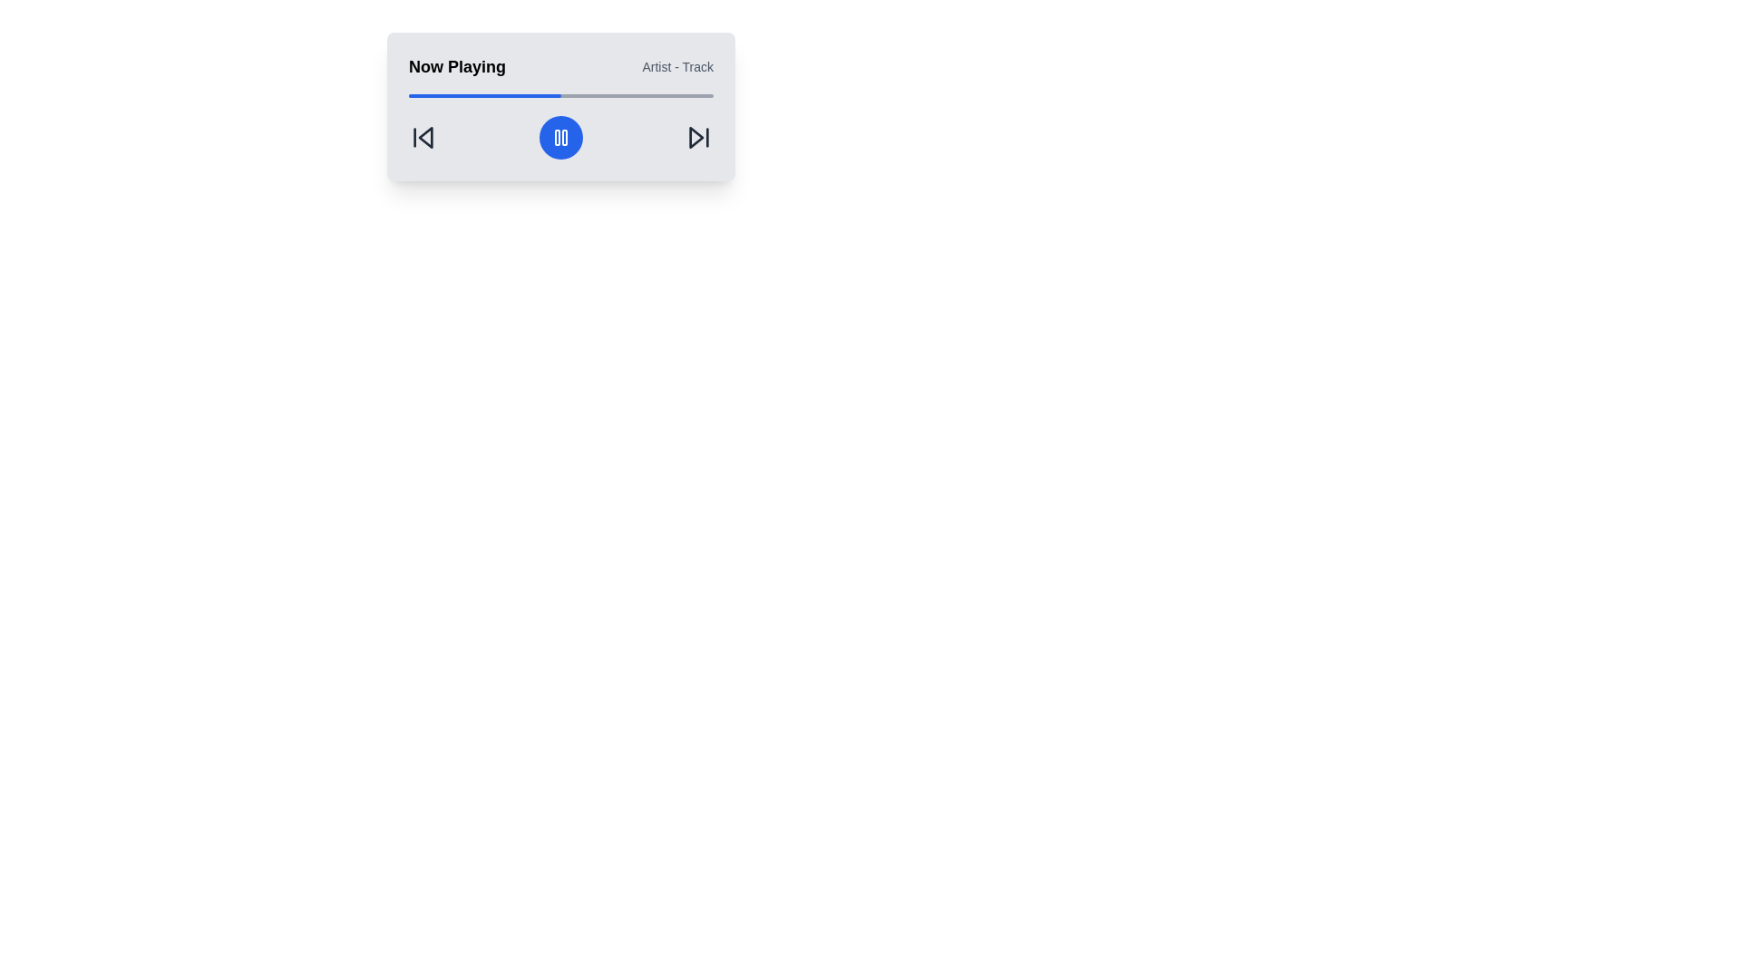  Describe the element at coordinates (506, 95) in the screenshot. I see `the progress of the bar` at that location.